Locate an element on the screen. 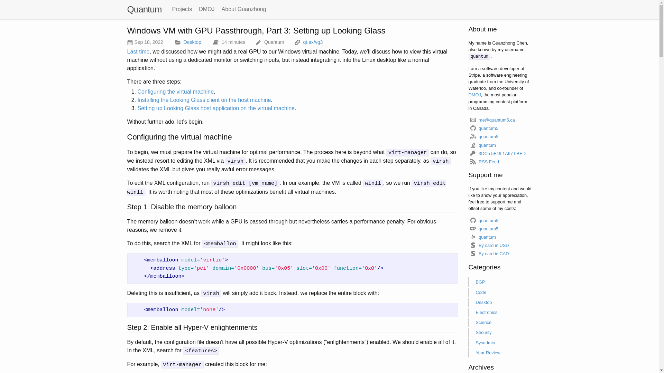 The width and height of the screenshot is (664, 373). 'Configuring the virtual machine' is located at coordinates (176, 91).